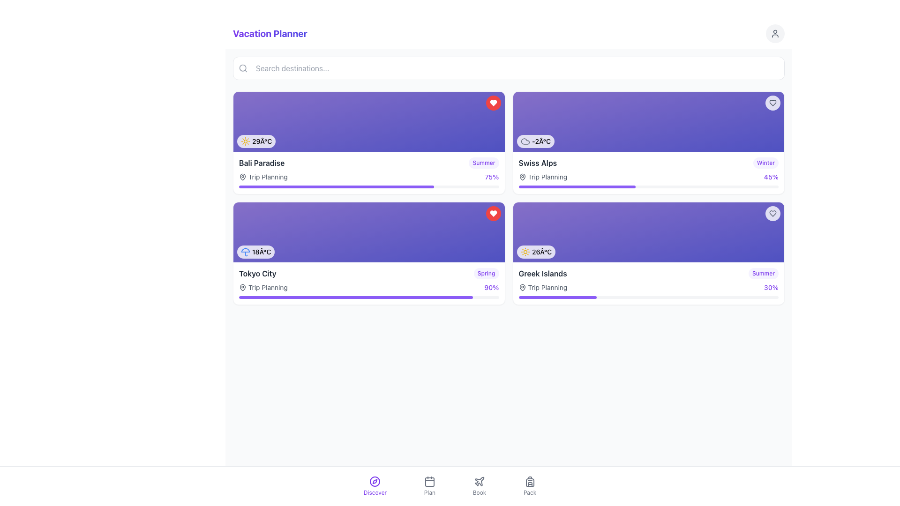 Image resolution: width=900 pixels, height=506 pixels. I want to click on the heart-shaped icon, which is a filled red color representing a 'favorite' or 'like' action, located at the top-right corner of the 'Bali Paradise' card, so click(493, 213).